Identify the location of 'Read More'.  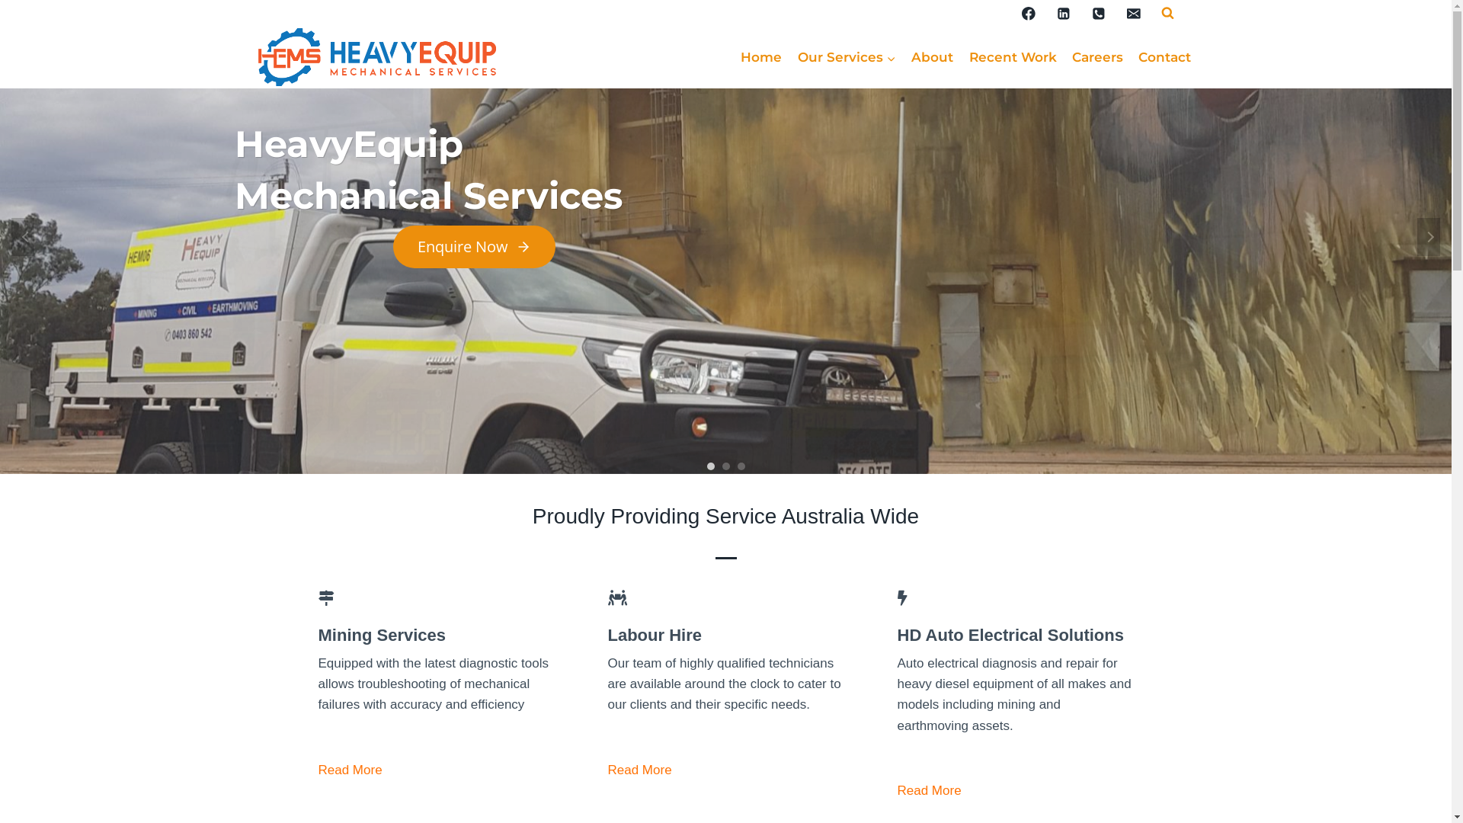
(350, 770).